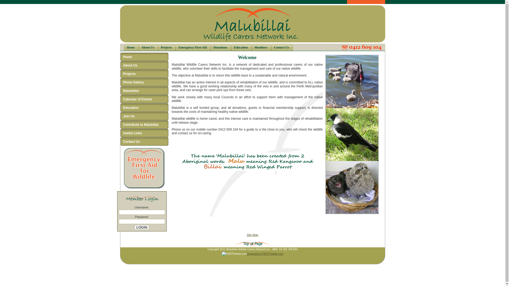  I want to click on 'Education', so click(120, 108).